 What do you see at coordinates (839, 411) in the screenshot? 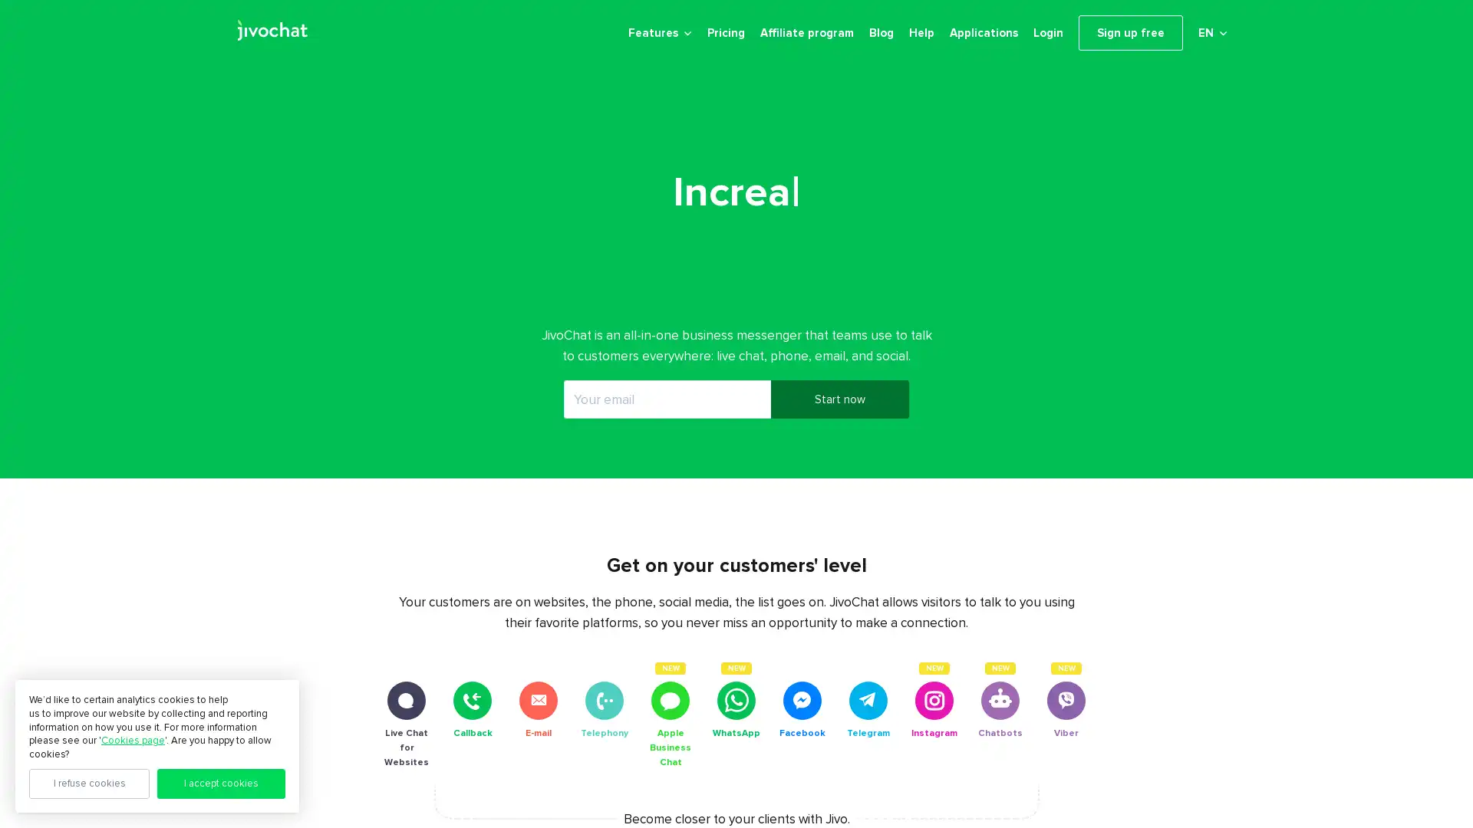
I see `Start now` at bounding box center [839, 411].